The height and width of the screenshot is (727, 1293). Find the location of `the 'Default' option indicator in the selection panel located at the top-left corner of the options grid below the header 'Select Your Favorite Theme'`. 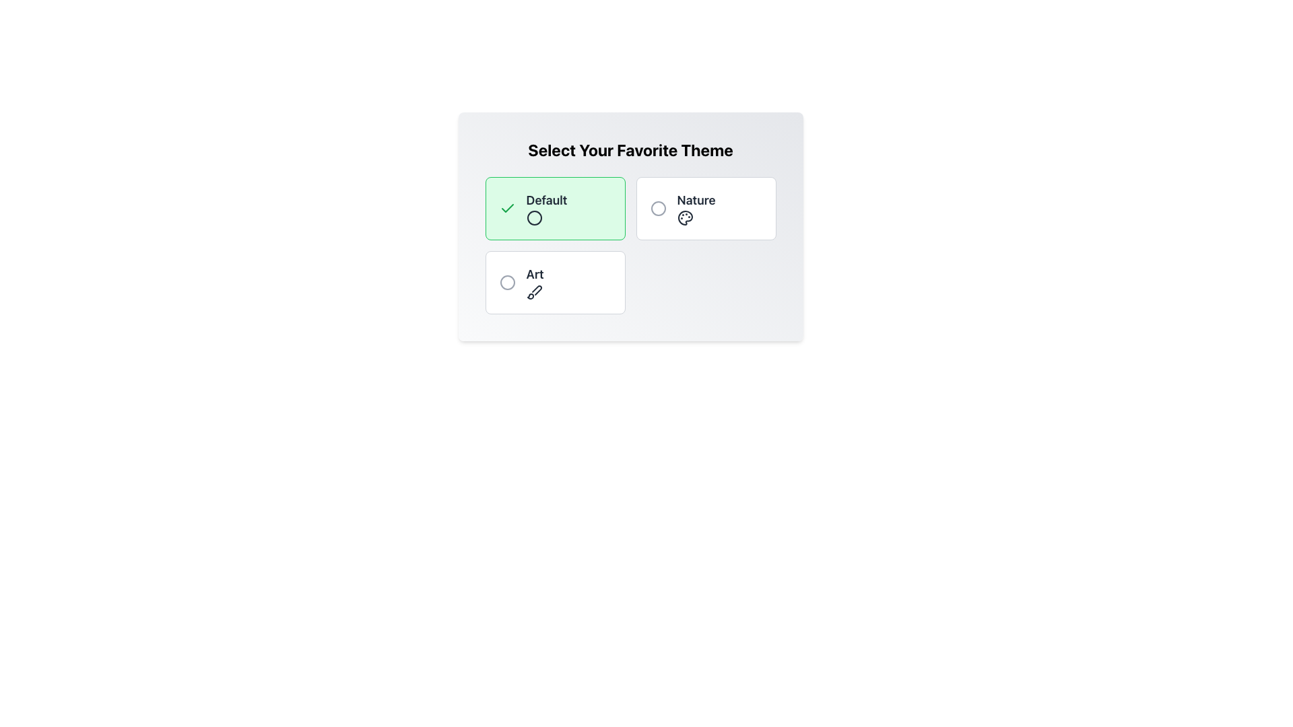

the 'Default' option indicator in the selection panel located at the top-left corner of the options grid below the header 'Select Your Favorite Theme' is located at coordinates (533, 217).